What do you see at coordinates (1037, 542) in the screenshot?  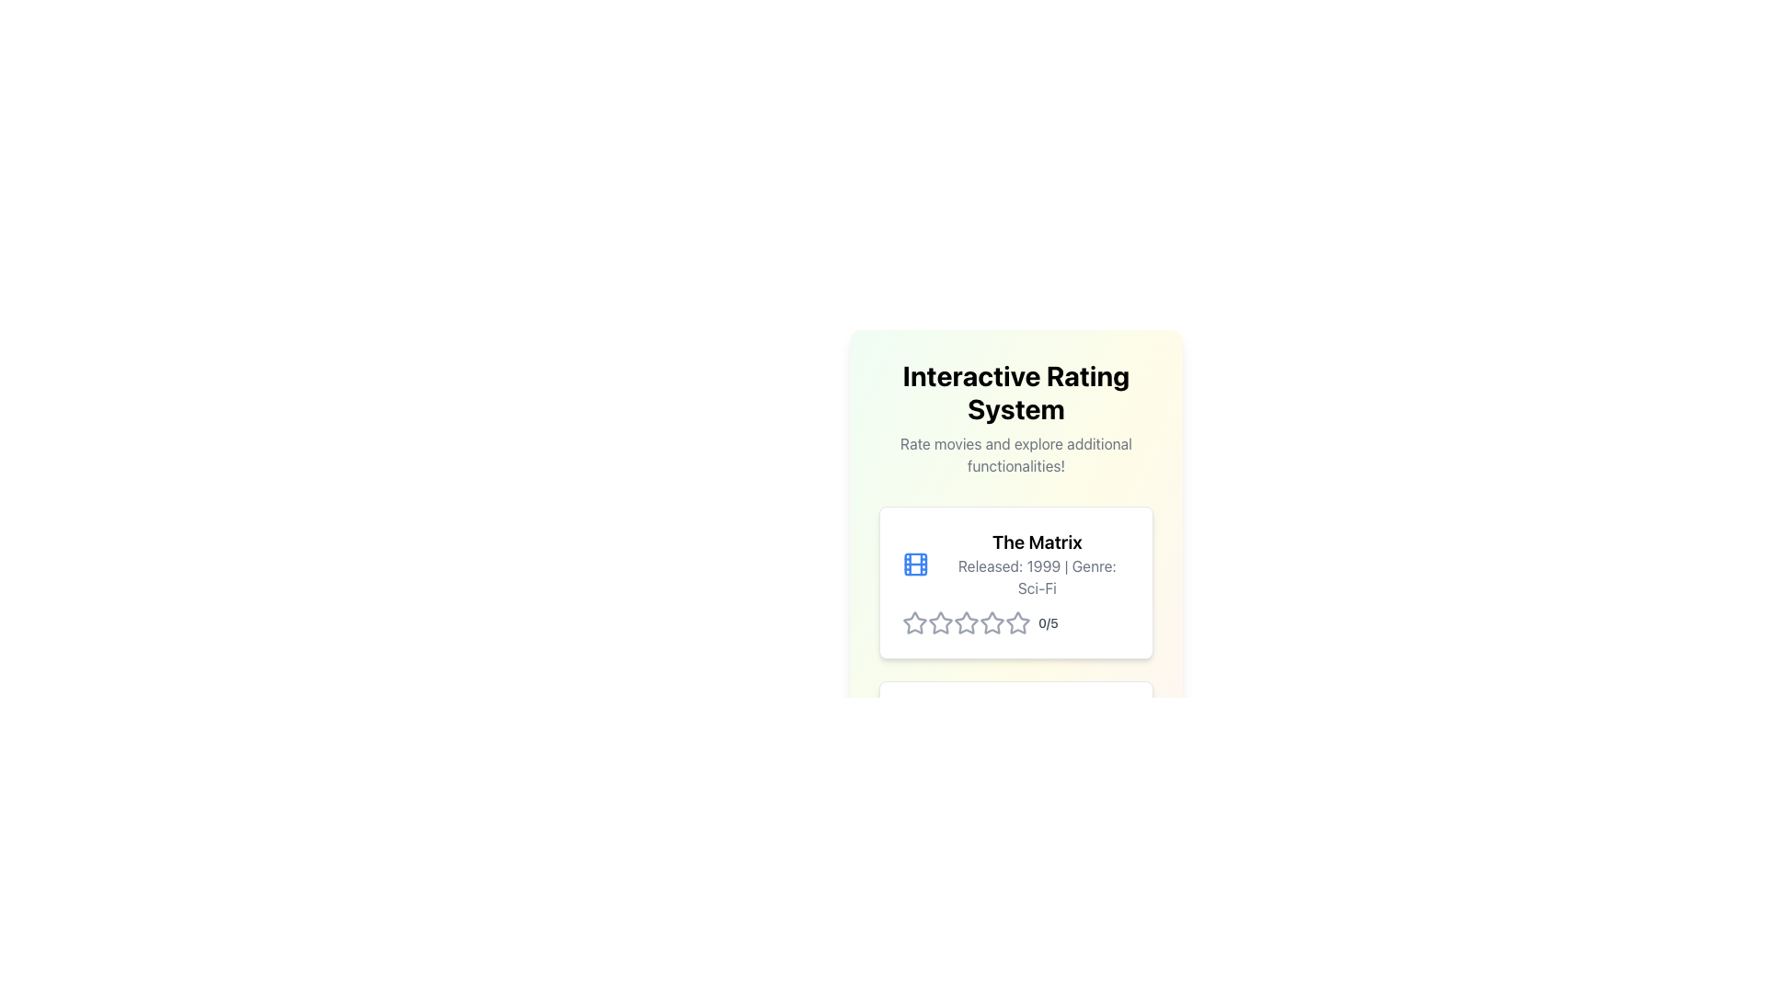 I see `the bold text label reading 'The Matrix' which is positioned at the top of the movie description card` at bounding box center [1037, 542].